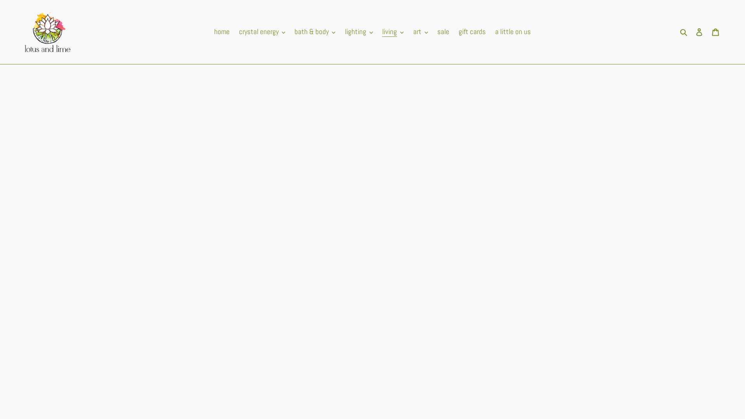 Image resolution: width=745 pixels, height=419 pixels. I want to click on 'living', so click(393, 31).